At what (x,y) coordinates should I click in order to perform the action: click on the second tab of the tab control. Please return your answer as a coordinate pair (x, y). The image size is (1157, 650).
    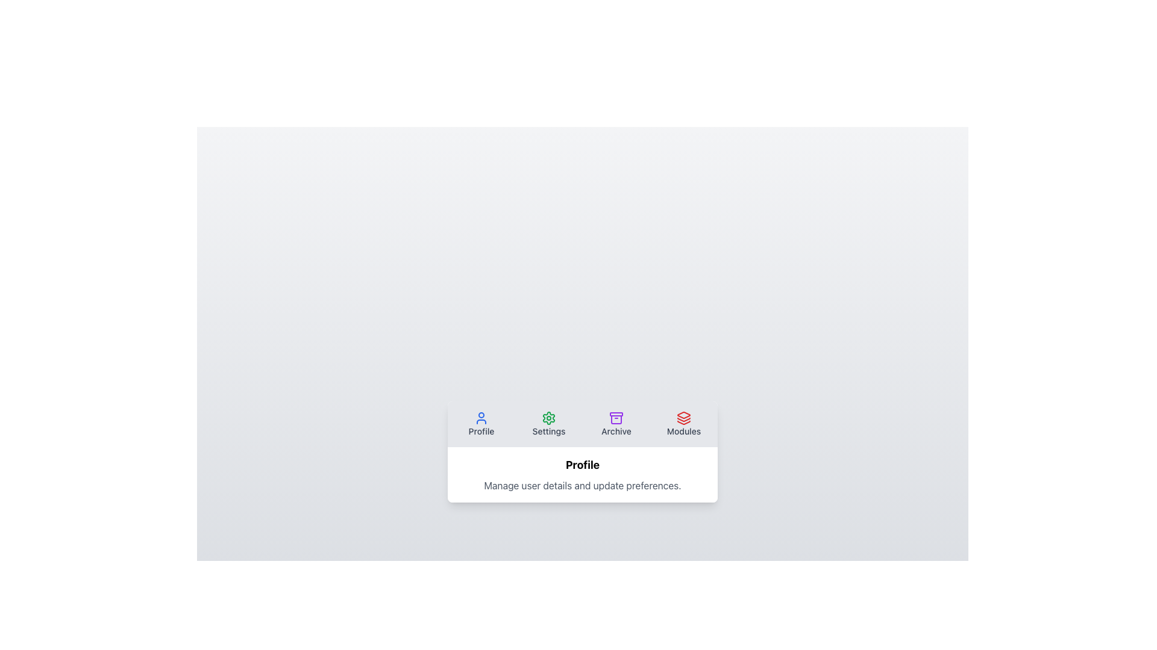
    Looking at the image, I should click on (548, 424).